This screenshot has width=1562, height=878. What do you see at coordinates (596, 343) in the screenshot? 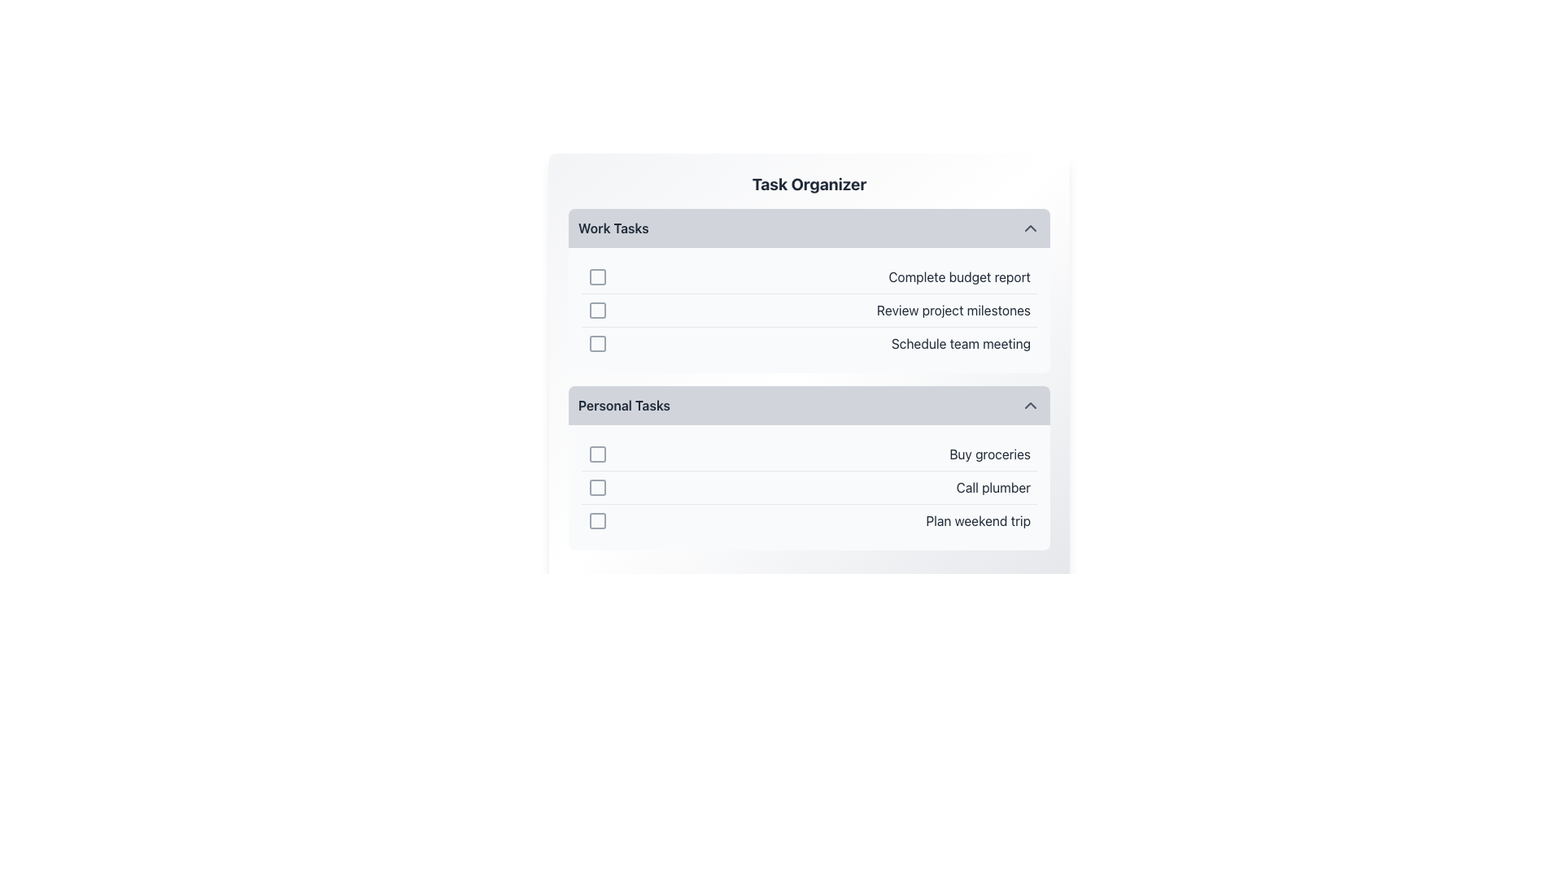
I see `the third checkbox in the 'Work Tasks' section of the 'Task Organizer' interface, which has a light gray outline and a hollow center, located to the left of the text 'Schedule team meeting'` at bounding box center [596, 343].